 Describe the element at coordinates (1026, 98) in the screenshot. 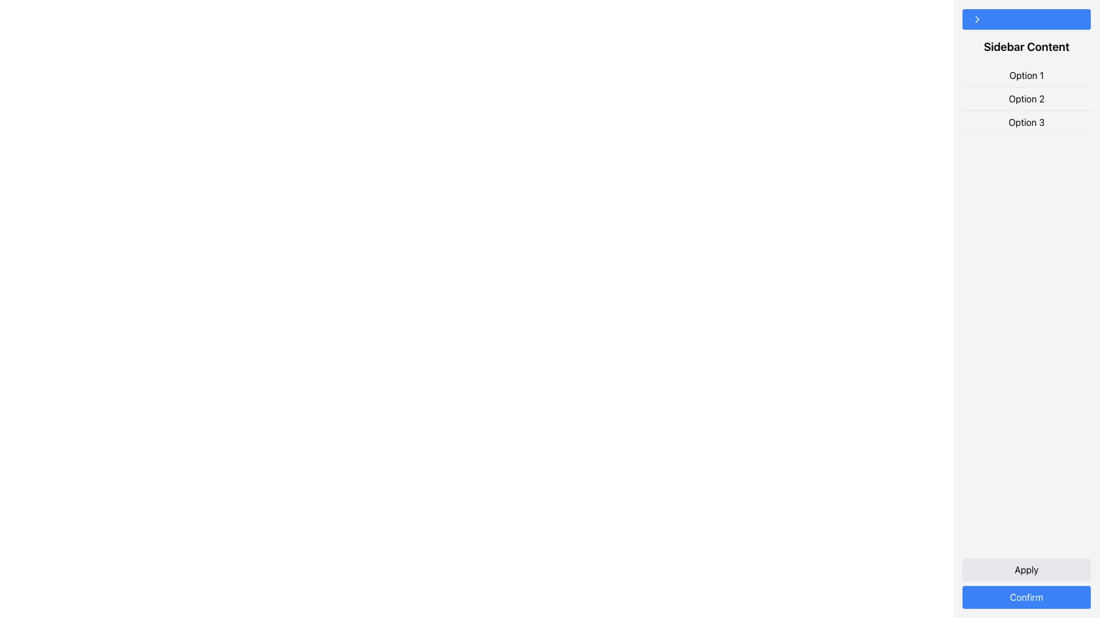

I see `the second item labeled 'Option 2'` at that location.